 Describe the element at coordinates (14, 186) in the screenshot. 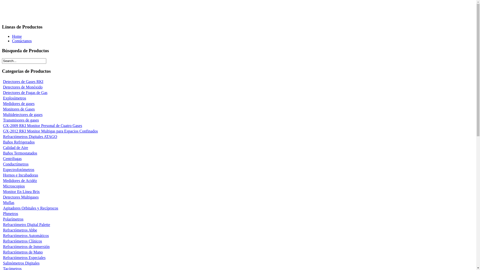

I see `'Microscopios'` at that location.